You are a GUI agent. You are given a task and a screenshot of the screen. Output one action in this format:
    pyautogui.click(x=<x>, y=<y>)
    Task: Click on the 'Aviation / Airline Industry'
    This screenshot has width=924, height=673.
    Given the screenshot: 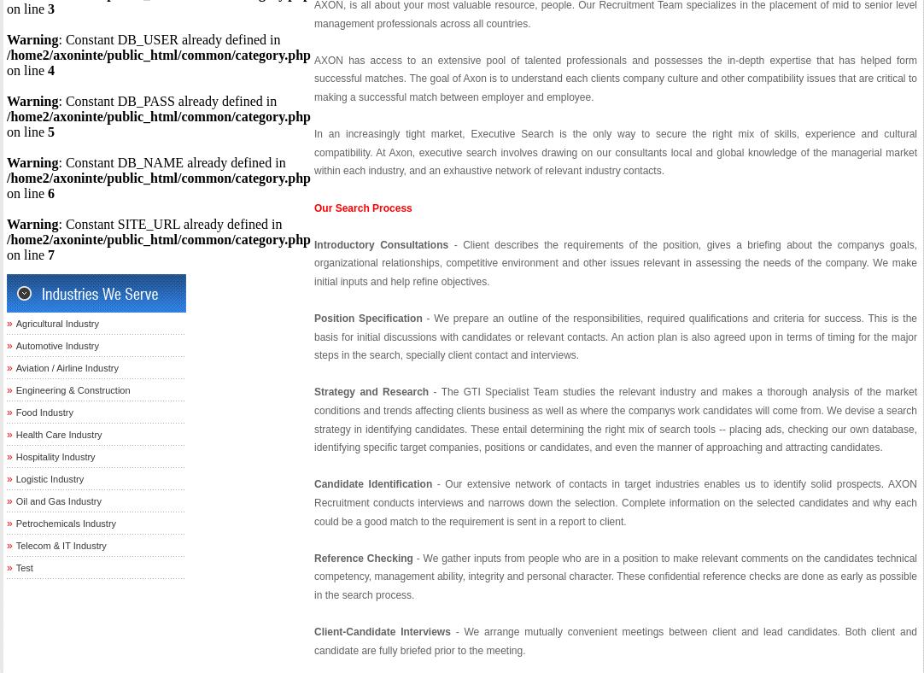 What is the action you would take?
    pyautogui.click(x=15, y=367)
    